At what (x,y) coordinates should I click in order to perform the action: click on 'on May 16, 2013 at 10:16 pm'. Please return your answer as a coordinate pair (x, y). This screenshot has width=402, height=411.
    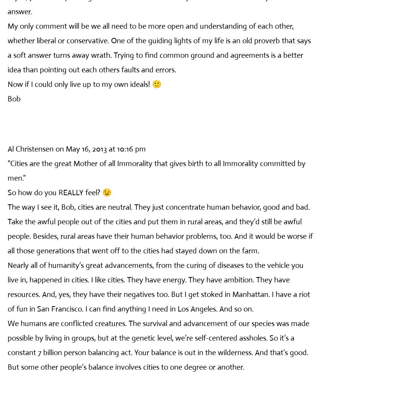
    Looking at the image, I should click on (55, 148).